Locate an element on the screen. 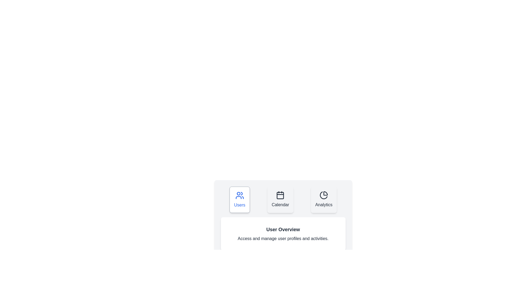 The height and width of the screenshot is (290, 516). the 'Users' button, which is a clickable rectangular card with a white background, rounded corners, and a thin gray border, containing an icon of a group of people and the text 'Users' in blue is located at coordinates (239, 200).